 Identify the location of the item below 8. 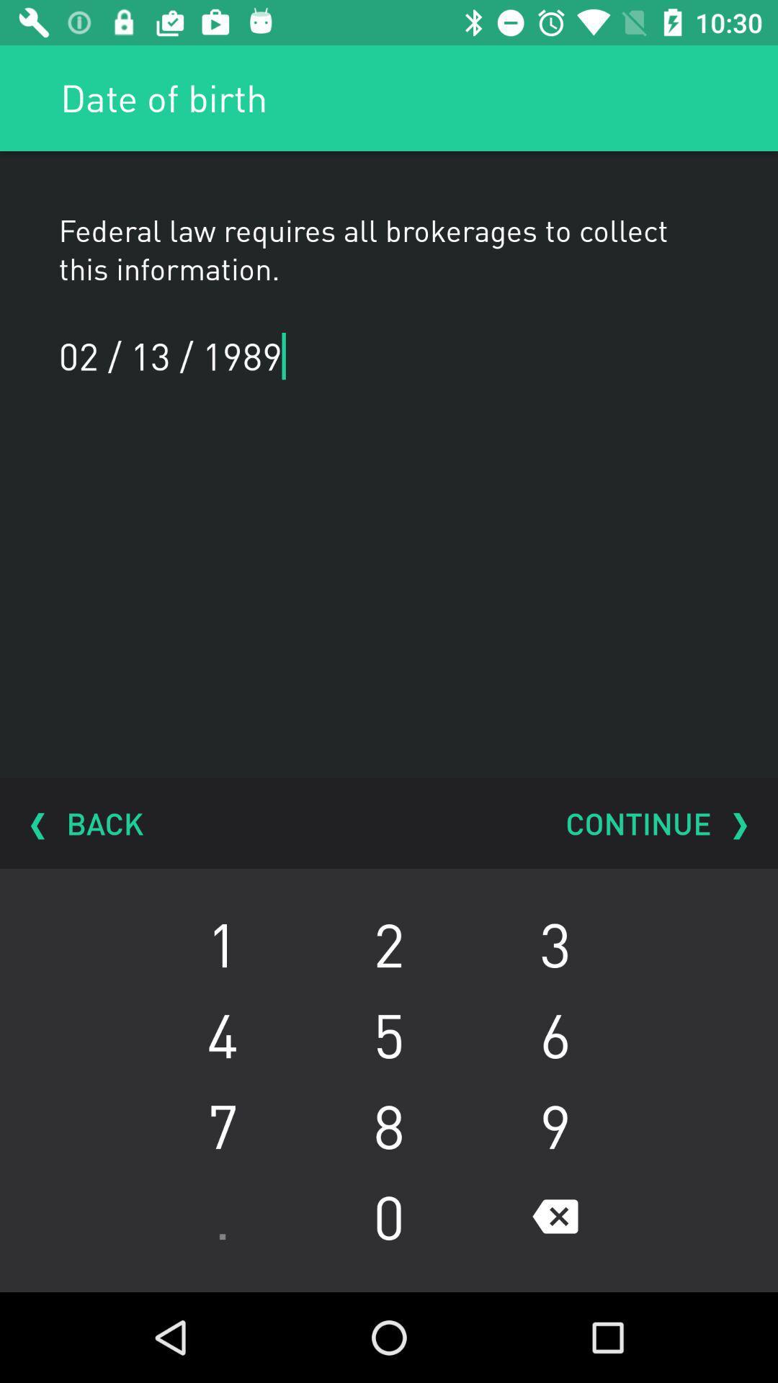
(555, 1216).